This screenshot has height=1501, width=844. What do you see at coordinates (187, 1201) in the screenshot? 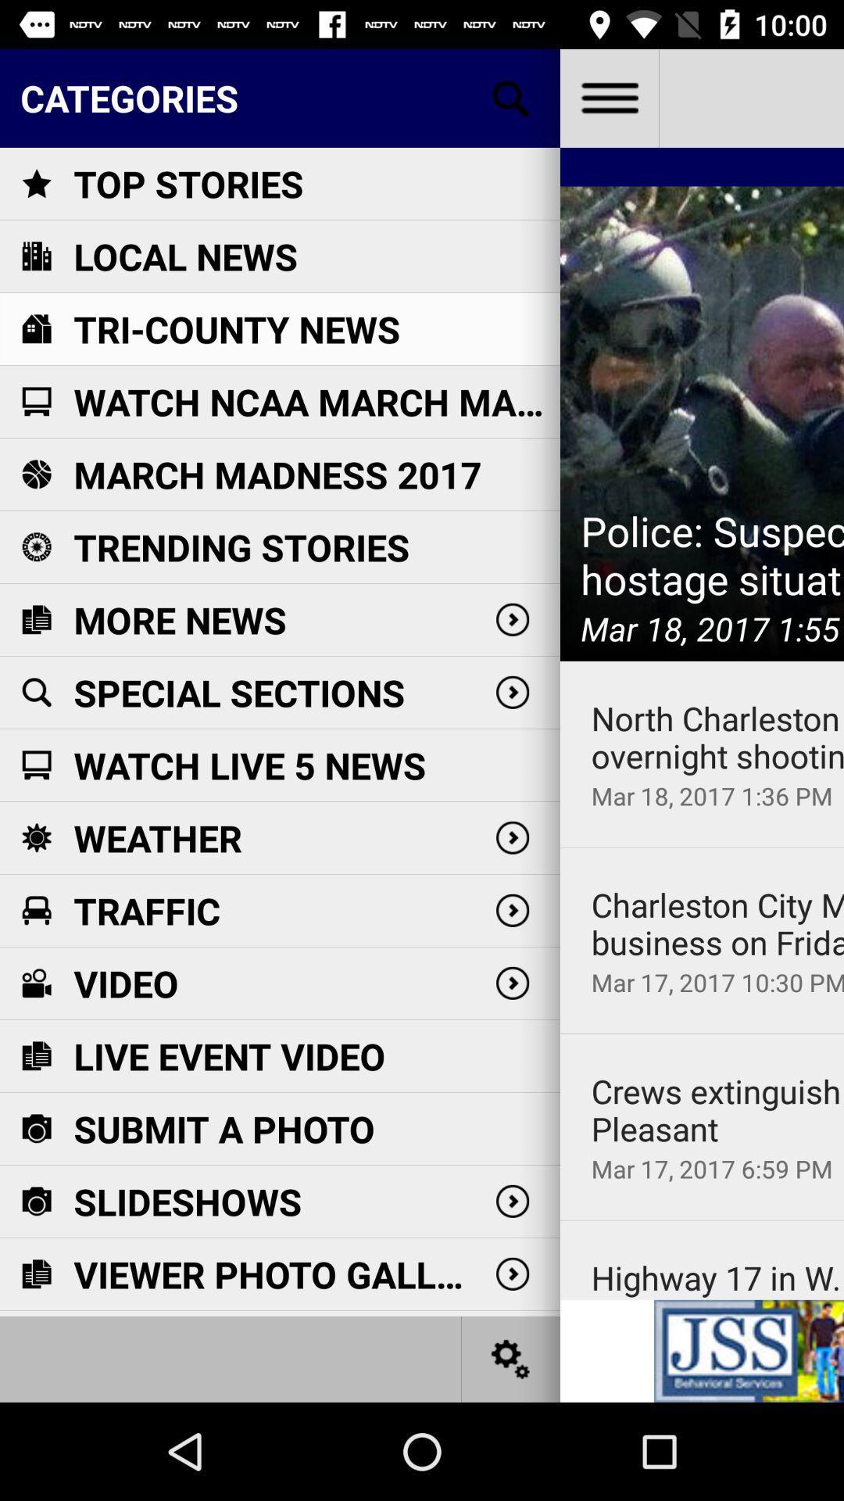
I see `the icon below submit a photo icon` at bounding box center [187, 1201].